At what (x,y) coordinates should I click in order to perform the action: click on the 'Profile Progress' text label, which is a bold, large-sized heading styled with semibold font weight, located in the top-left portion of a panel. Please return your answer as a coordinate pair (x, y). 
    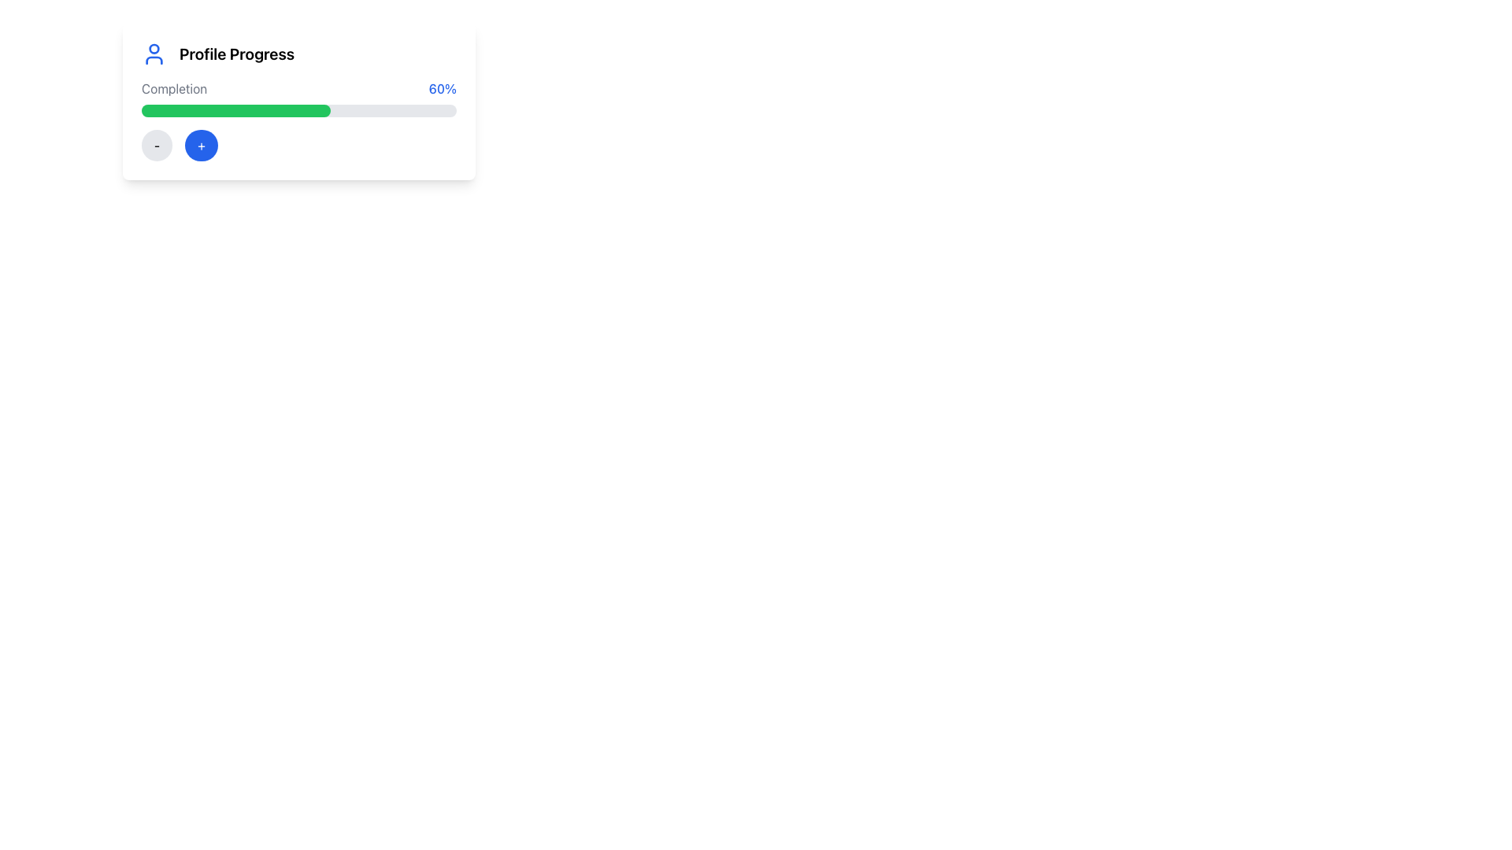
    Looking at the image, I should click on (236, 54).